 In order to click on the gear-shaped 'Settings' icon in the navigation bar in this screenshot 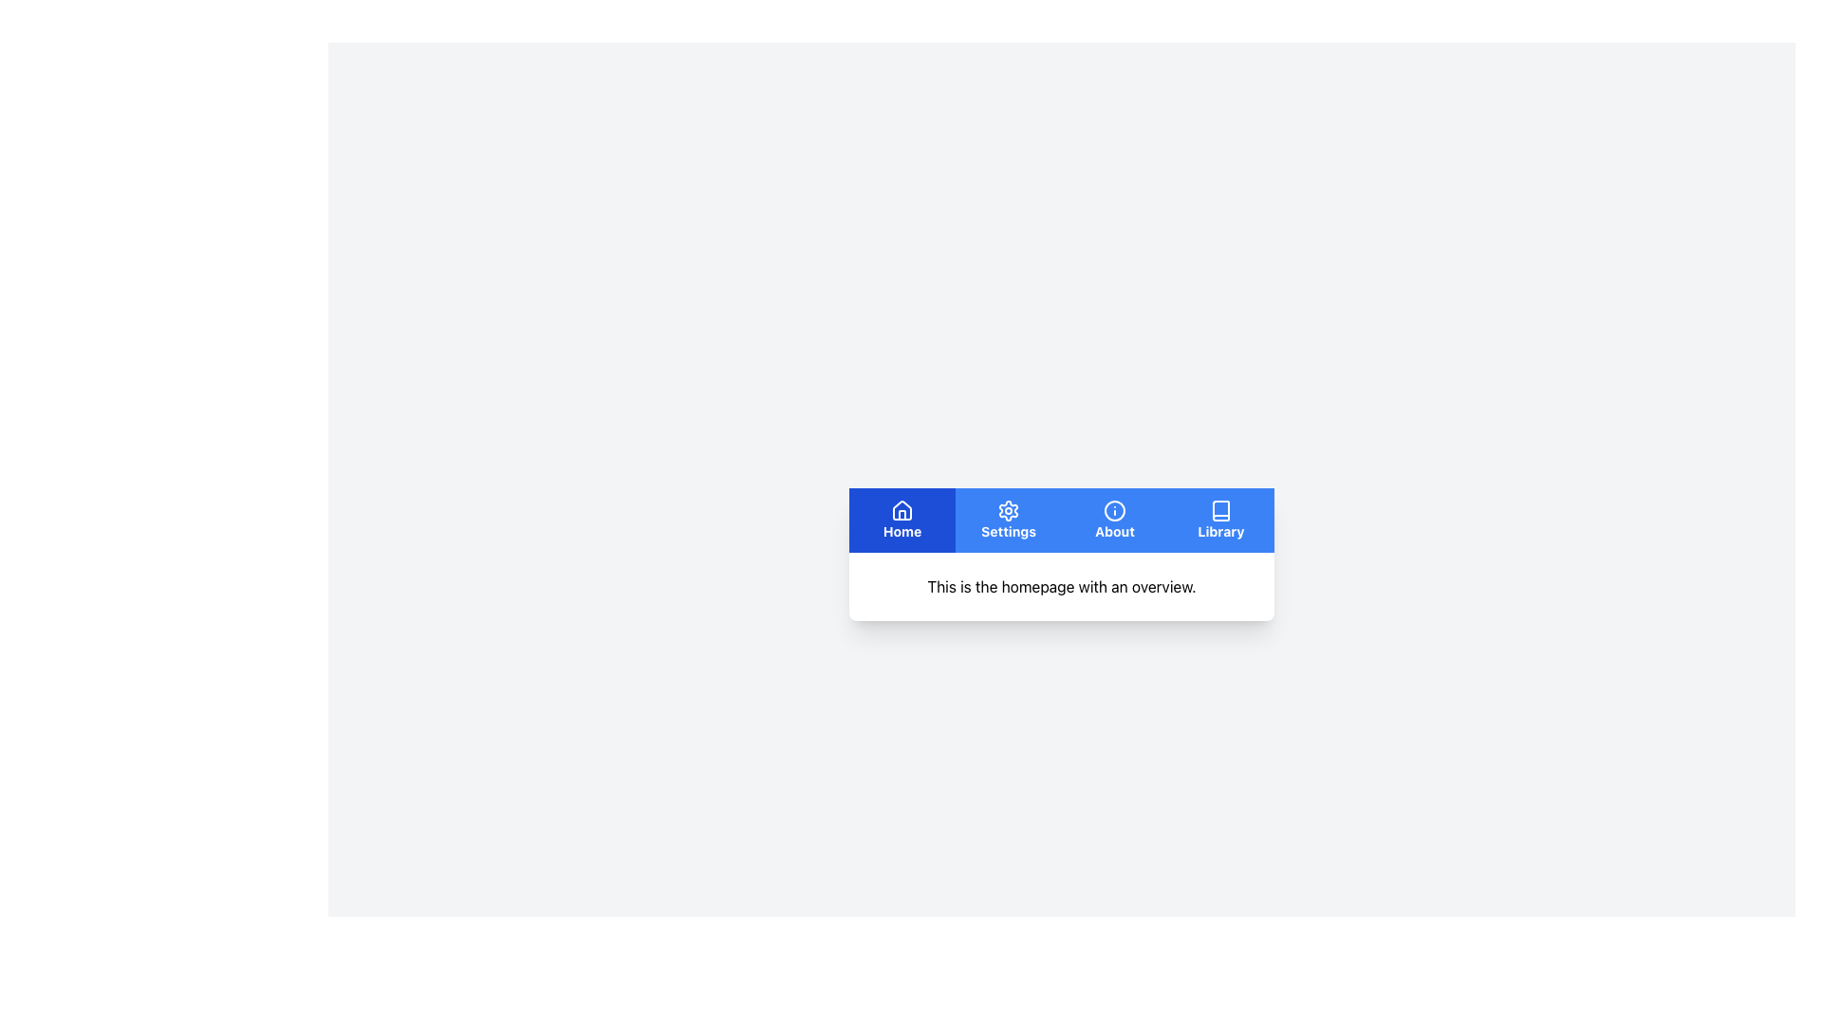, I will do `click(1007, 510)`.